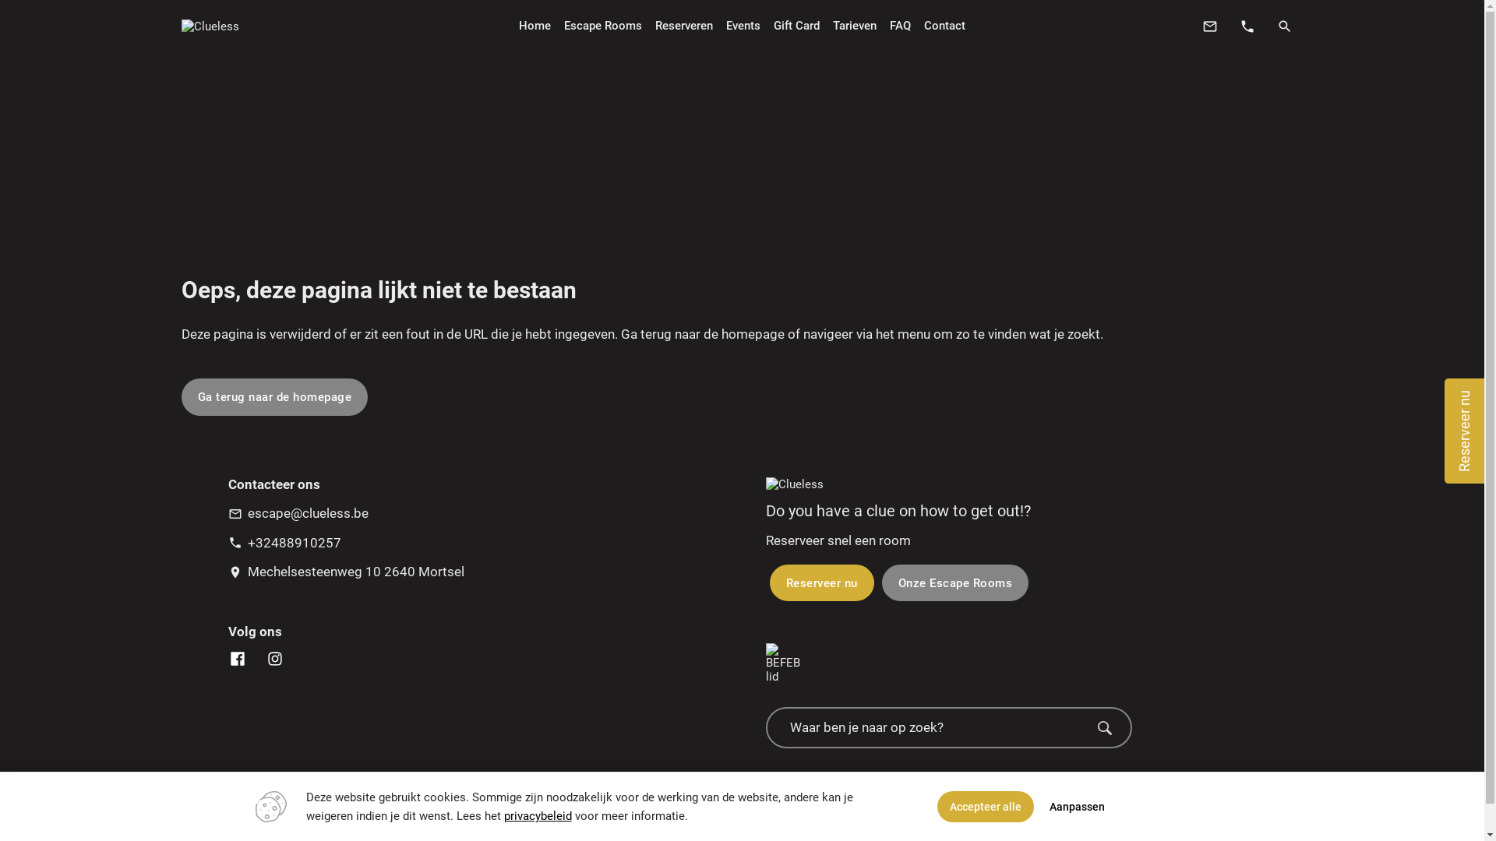  What do you see at coordinates (602, 25) in the screenshot?
I see `'Escape Rooms'` at bounding box center [602, 25].